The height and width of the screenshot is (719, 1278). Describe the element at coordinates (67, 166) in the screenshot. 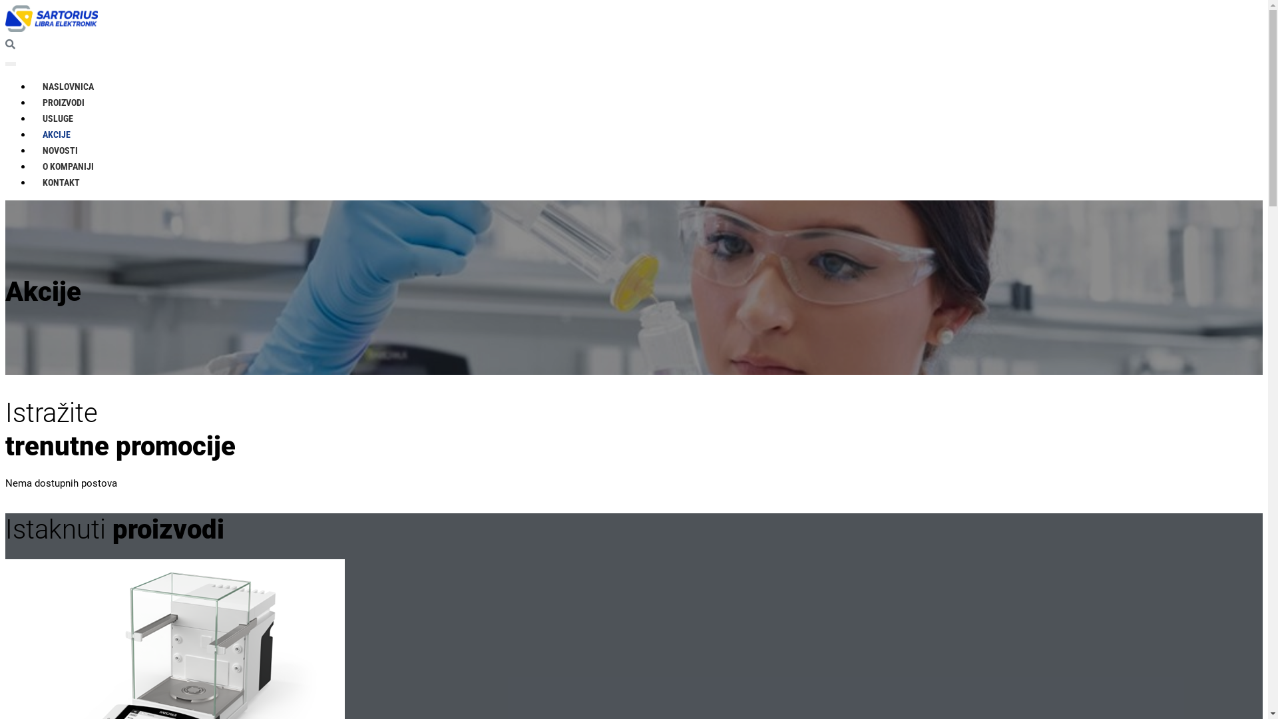

I see `'O KOMPANIJI'` at that location.